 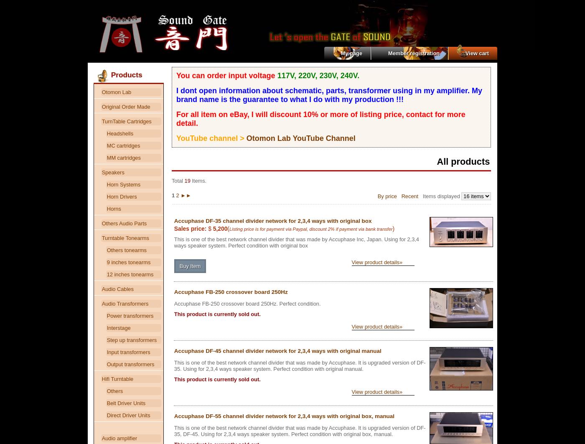 What do you see at coordinates (173, 350) in the screenshot?
I see `'Accuphase DF-45 channel divider network for 2,3,4 ways with original manual'` at bounding box center [173, 350].